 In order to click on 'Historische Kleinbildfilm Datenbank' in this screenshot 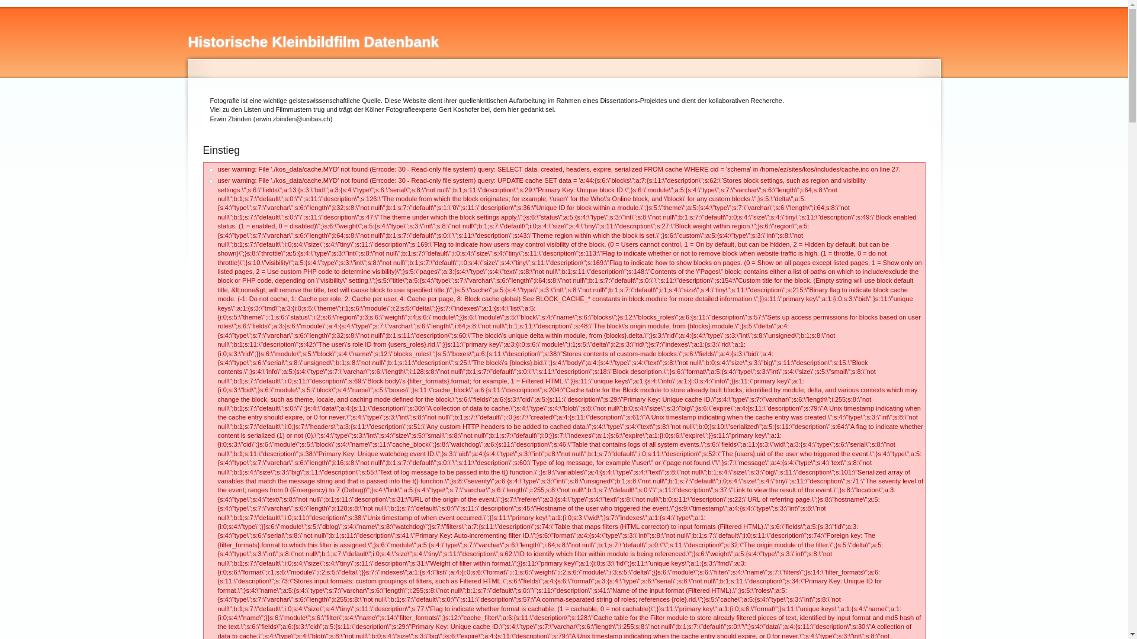, I will do `click(313, 41)`.